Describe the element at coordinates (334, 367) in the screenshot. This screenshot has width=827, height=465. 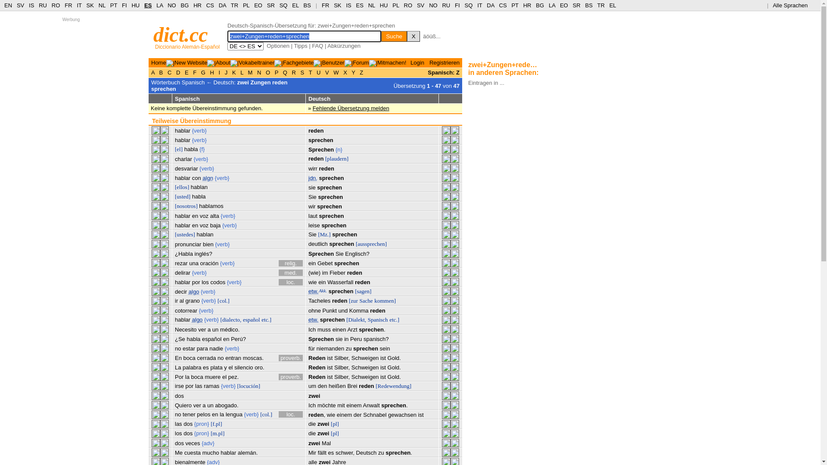
I see `'Silber,'` at that location.